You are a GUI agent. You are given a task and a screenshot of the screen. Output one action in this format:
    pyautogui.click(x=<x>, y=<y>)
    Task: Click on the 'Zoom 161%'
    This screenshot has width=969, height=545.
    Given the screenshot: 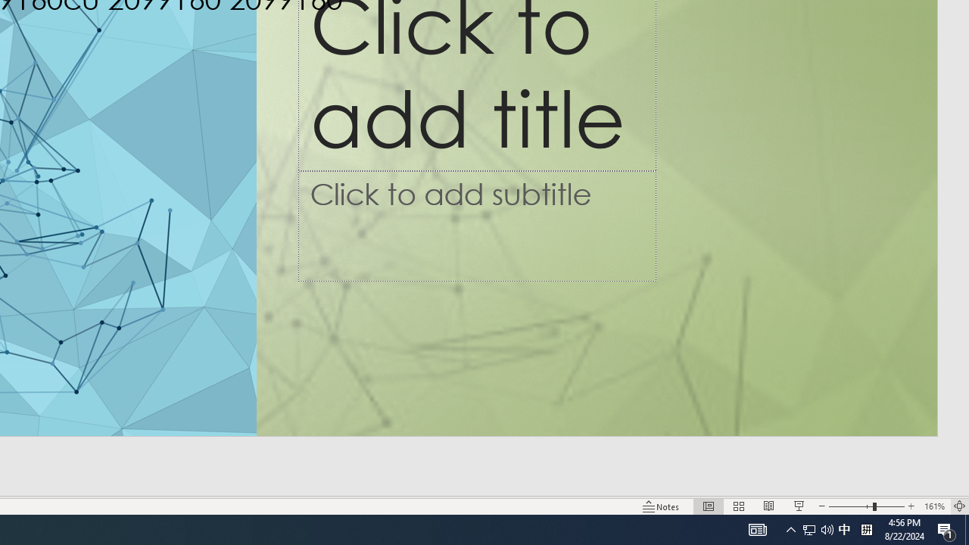 What is the action you would take?
    pyautogui.click(x=933, y=506)
    